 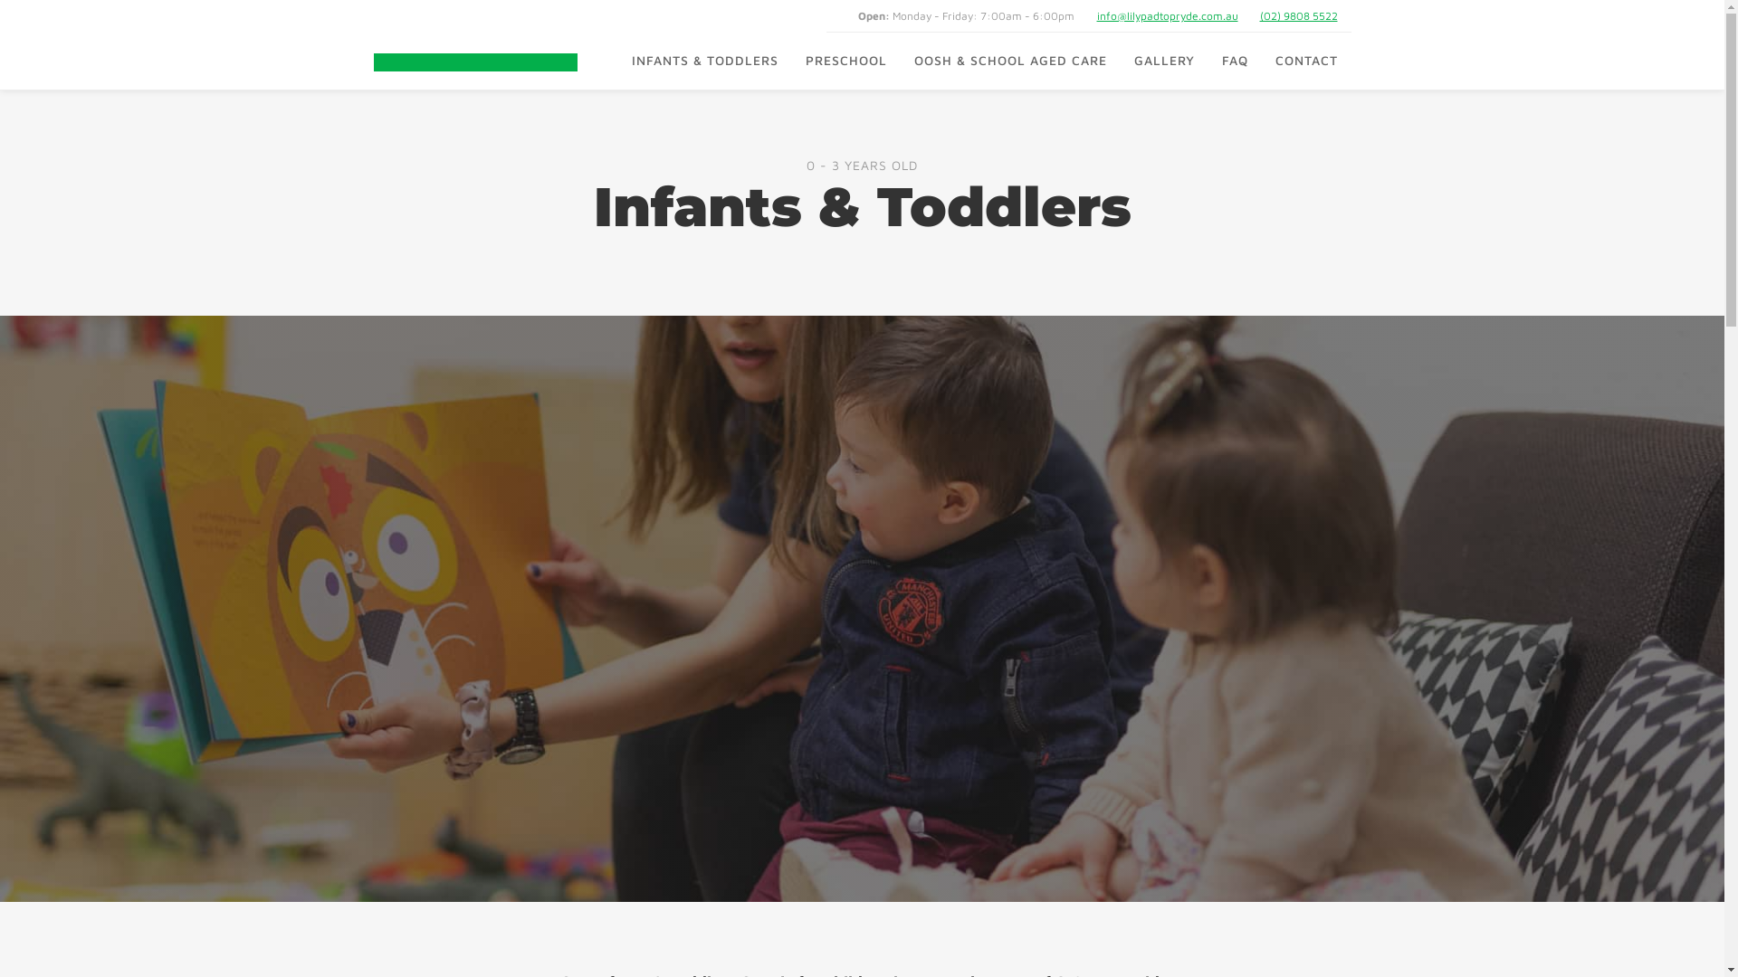 What do you see at coordinates (1008, 59) in the screenshot?
I see `'OOSH & SCHOOL AGED CARE'` at bounding box center [1008, 59].